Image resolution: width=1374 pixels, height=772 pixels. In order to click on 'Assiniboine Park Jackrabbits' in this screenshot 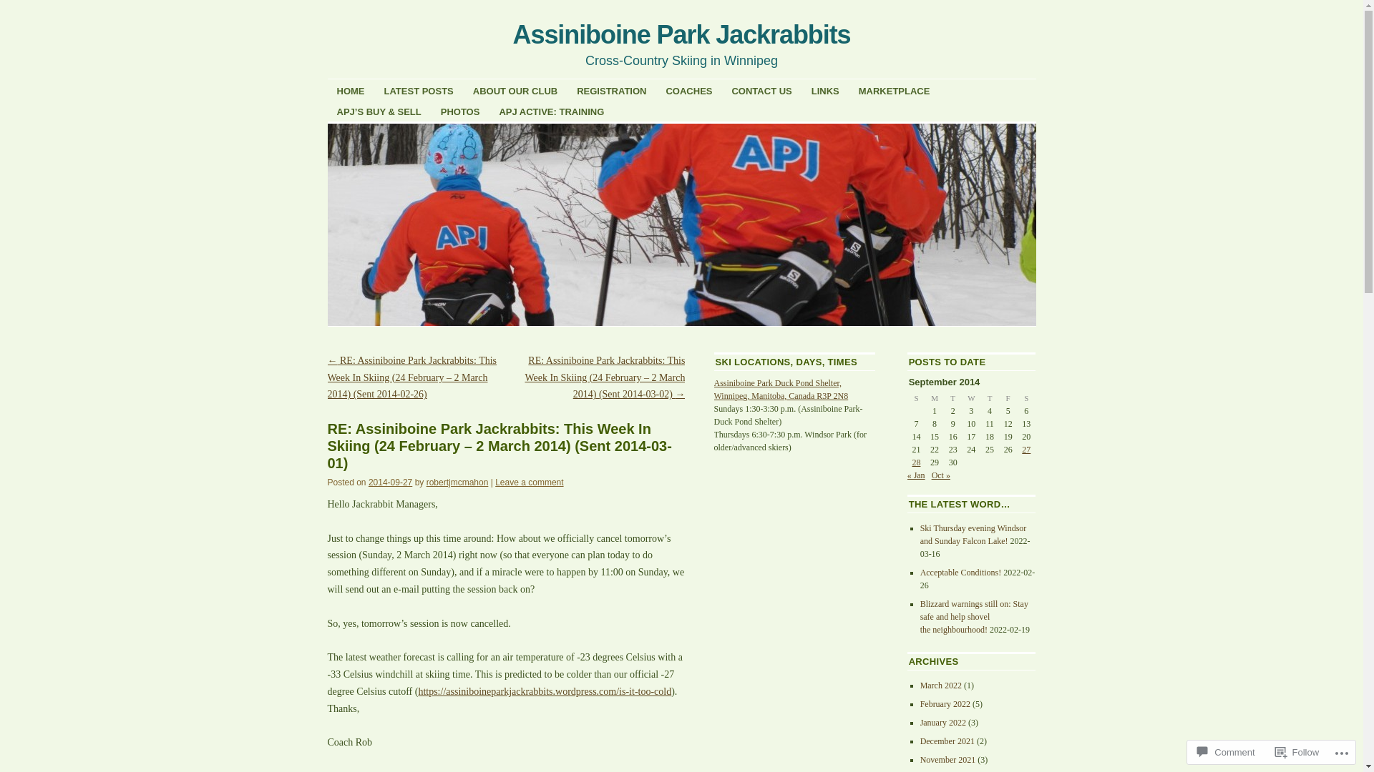, I will do `click(681, 34)`.